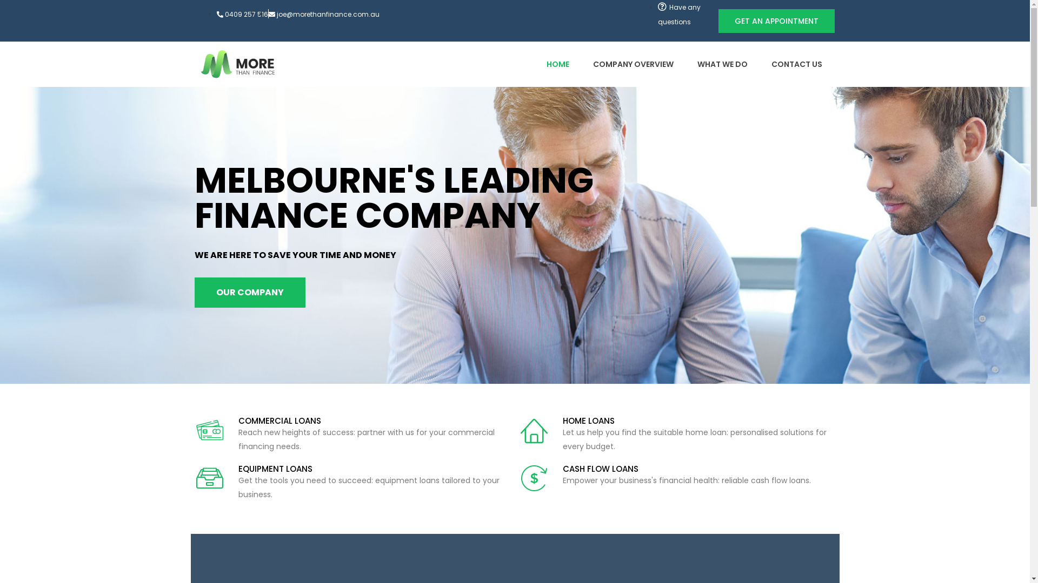 The width and height of the screenshot is (1038, 583). Describe the element at coordinates (241, 14) in the screenshot. I see `'0409 257 516'` at that location.